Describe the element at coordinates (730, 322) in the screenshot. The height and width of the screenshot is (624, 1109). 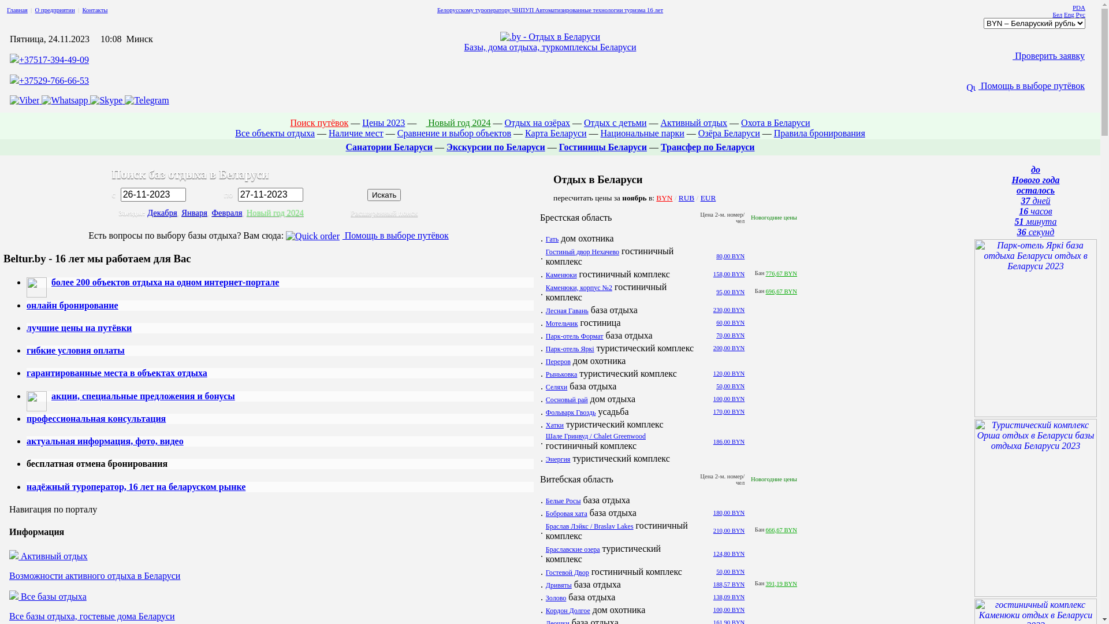
I see `'60,00 BYN'` at that location.